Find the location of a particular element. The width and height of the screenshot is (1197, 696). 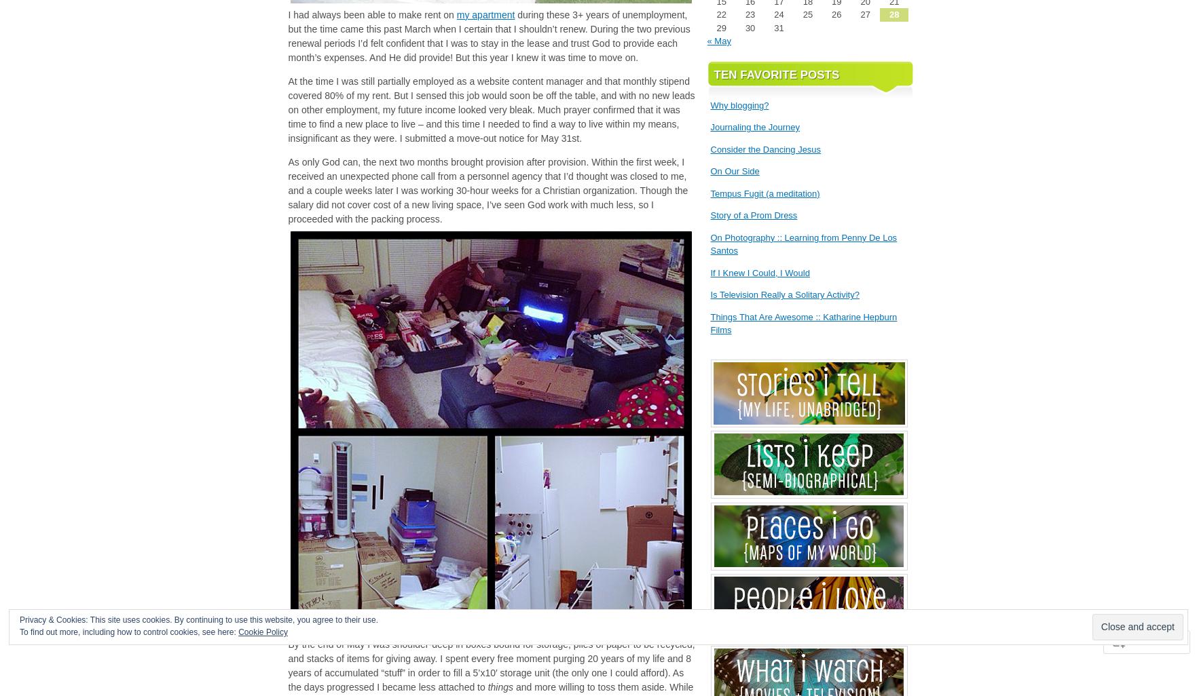

'Things That Are Awesome :: Katharine Hepburn Films' is located at coordinates (803, 322).